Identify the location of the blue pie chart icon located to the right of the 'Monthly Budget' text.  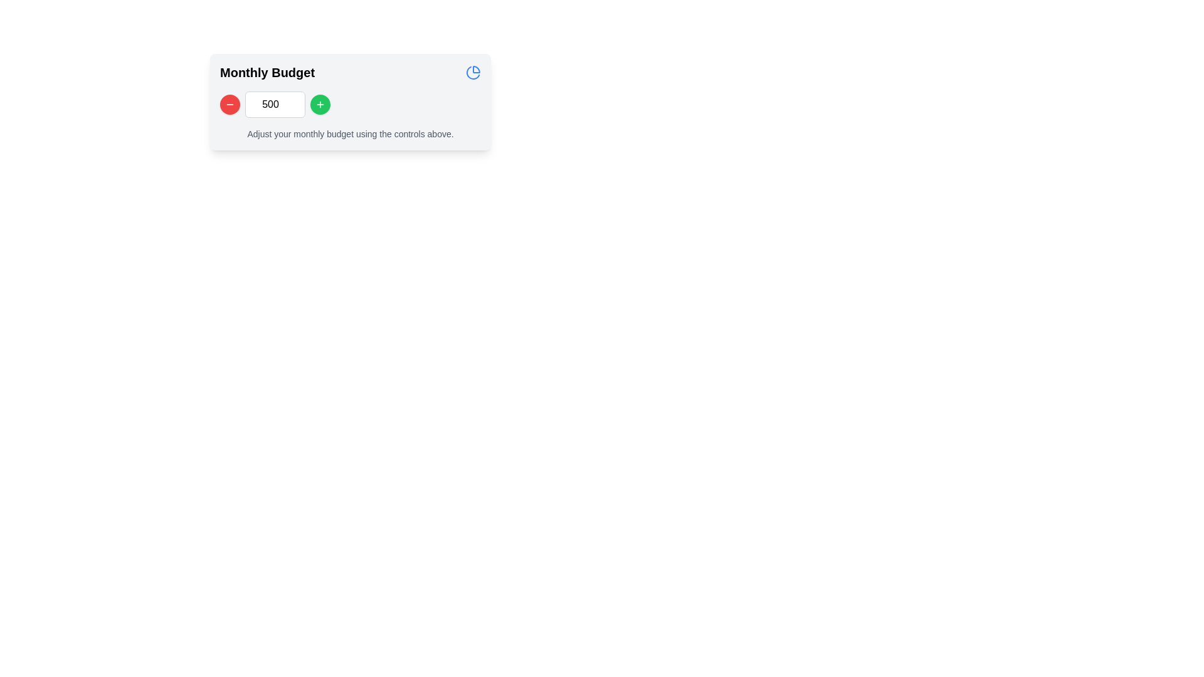
(472, 72).